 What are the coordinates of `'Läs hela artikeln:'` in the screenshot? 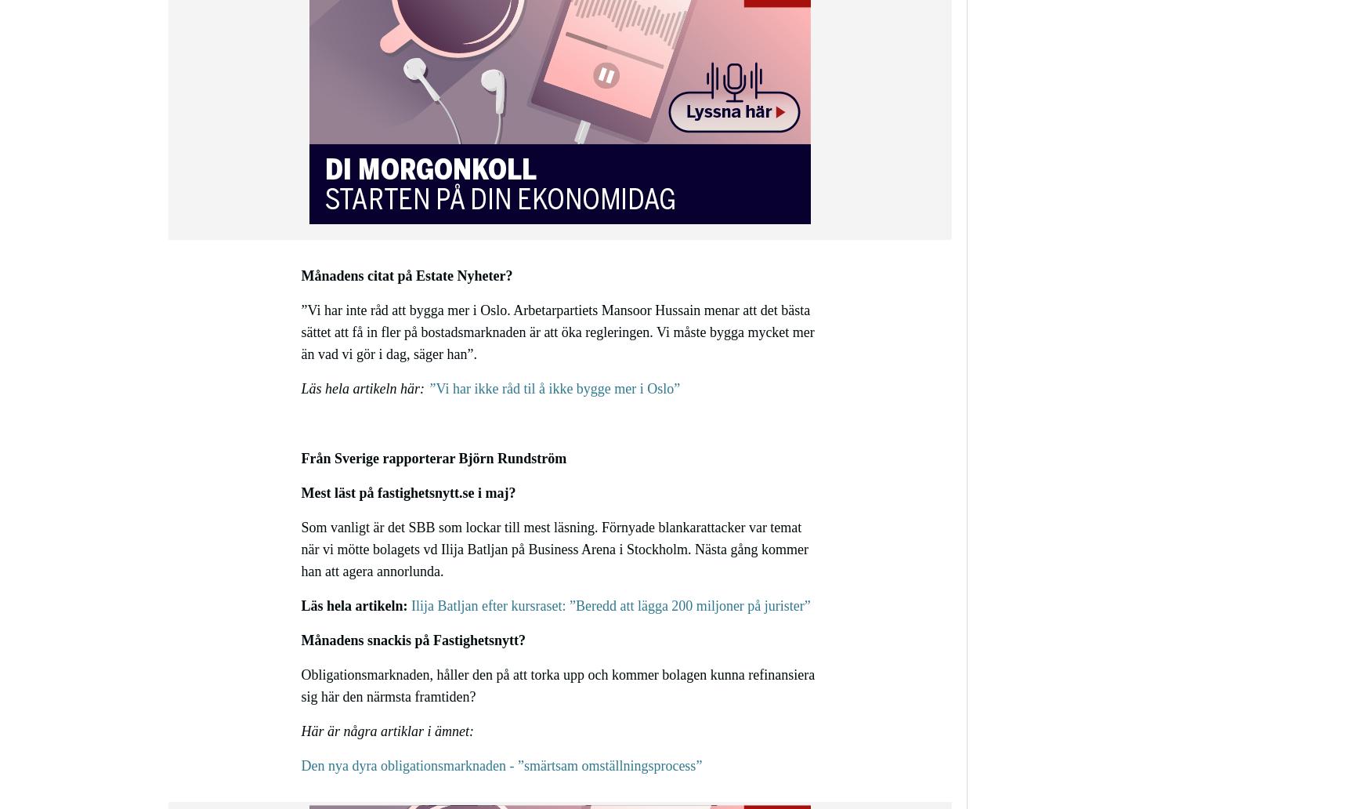 It's located at (354, 604).